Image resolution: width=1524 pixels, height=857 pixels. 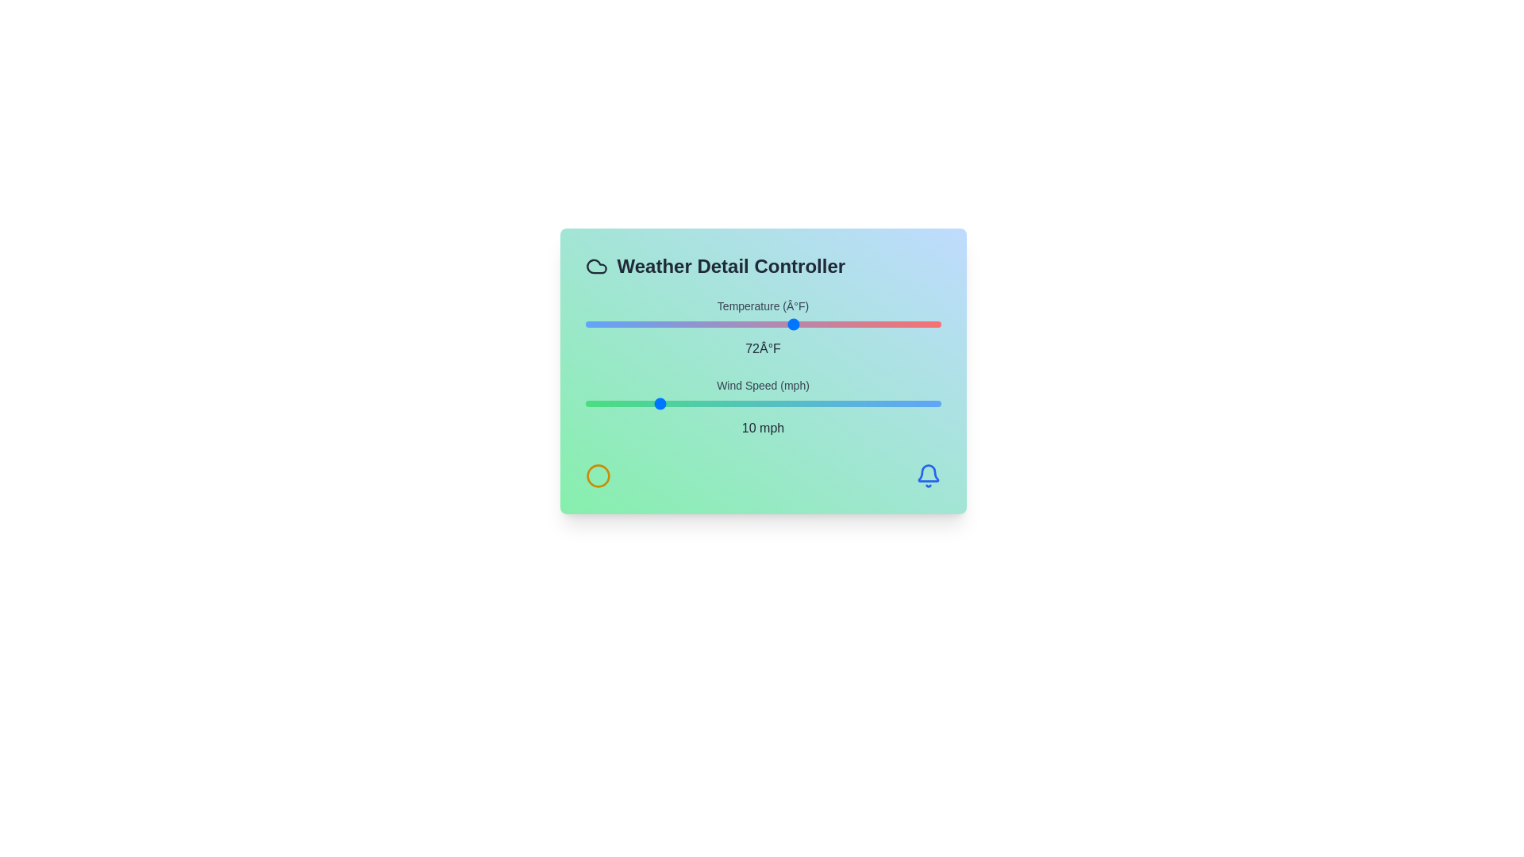 I want to click on the wind speed to 13 mph using the slider, so click(x=678, y=403).